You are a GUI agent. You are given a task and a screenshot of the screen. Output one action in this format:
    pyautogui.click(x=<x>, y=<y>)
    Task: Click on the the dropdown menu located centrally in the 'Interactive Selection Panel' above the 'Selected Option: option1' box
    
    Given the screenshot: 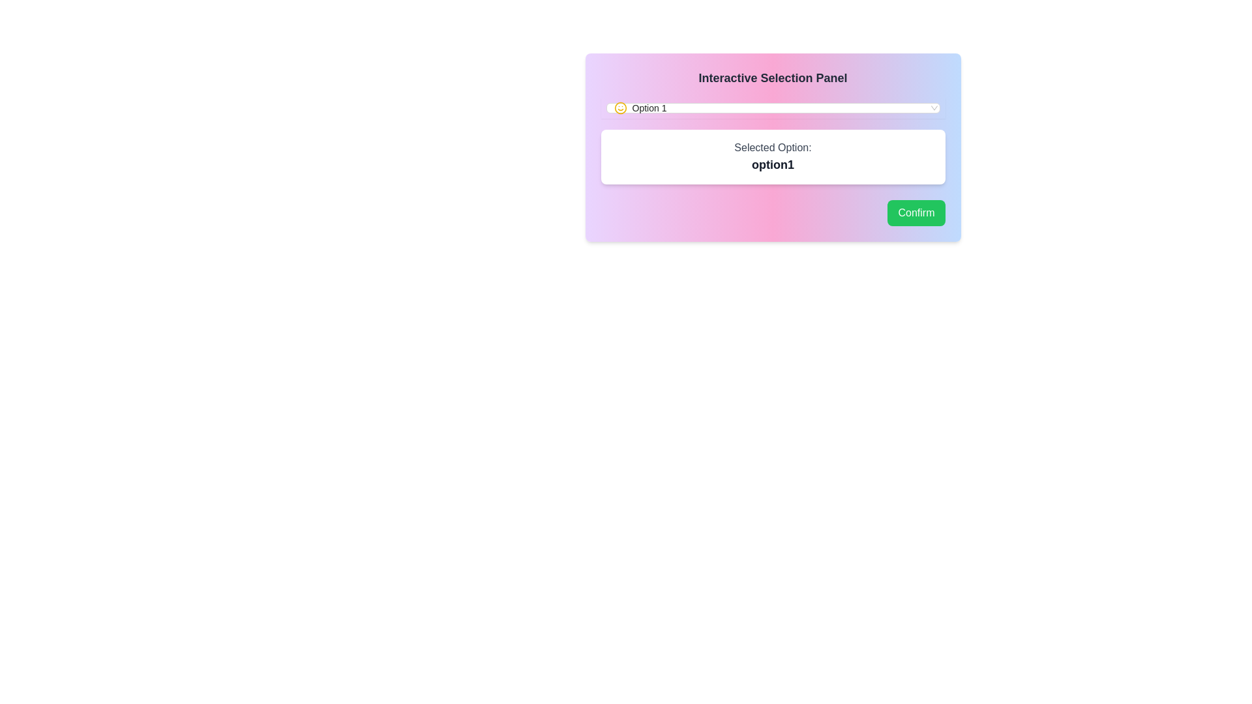 What is the action you would take?
    pyautogui.click(x=773, y=107)
    